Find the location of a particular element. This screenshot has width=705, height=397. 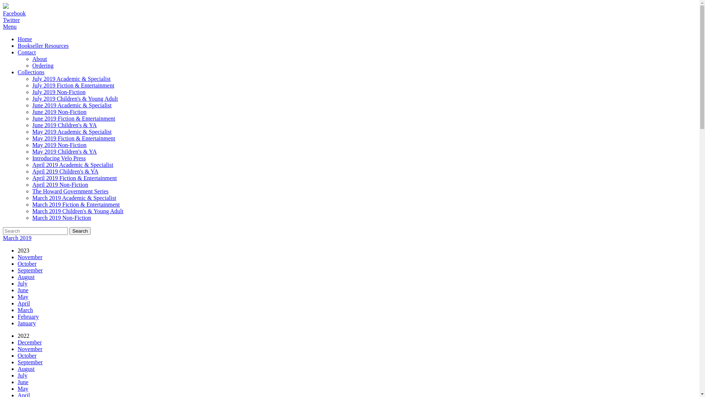

'April 2019 Children's & YA' is located at coordinates (32, 171).